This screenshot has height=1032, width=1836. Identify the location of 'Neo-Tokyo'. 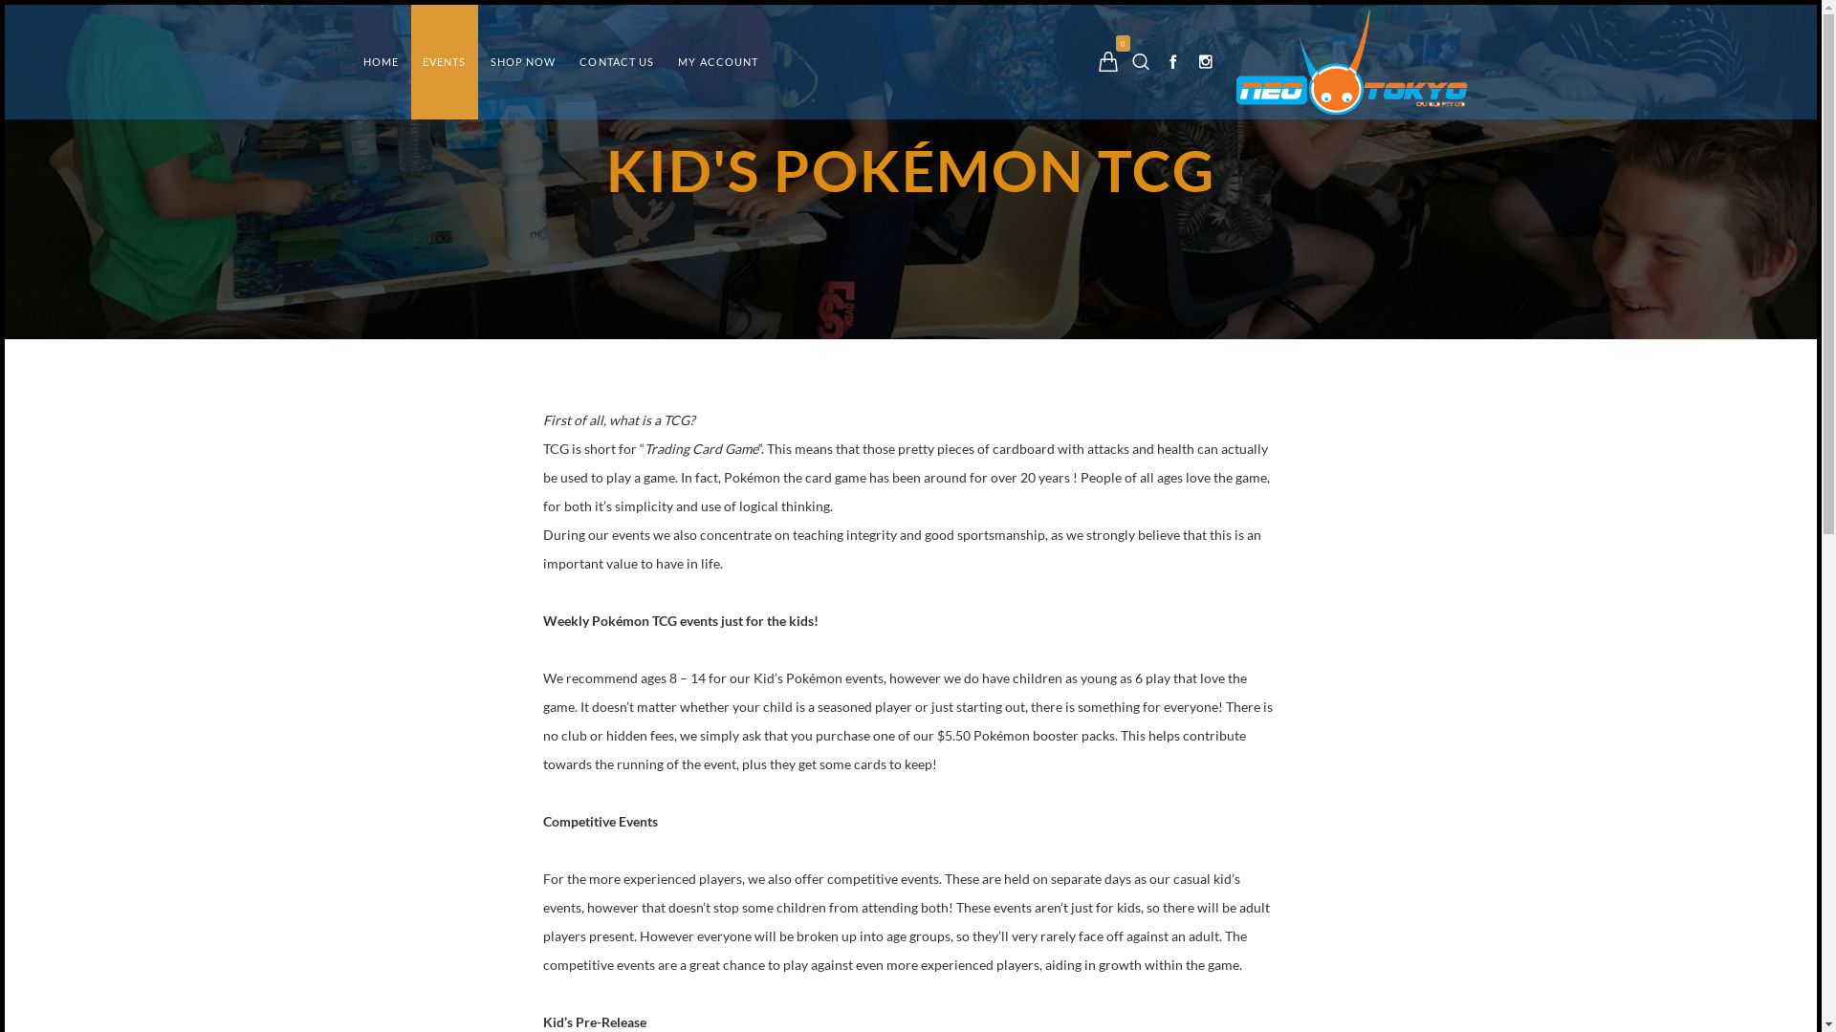
(1235, 61).